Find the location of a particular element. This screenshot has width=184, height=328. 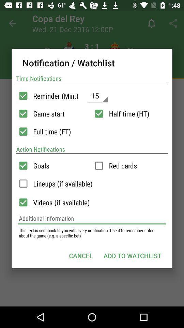

check the box is located at coordinates (99, 165).